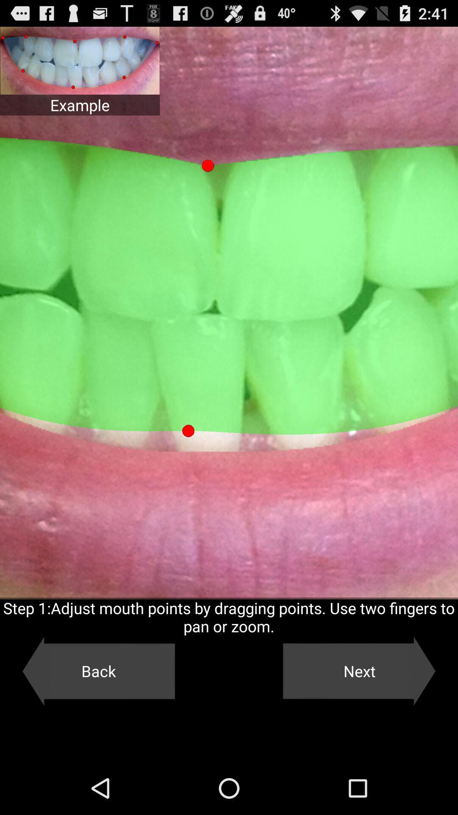  What do you see at coordinates (359, 671) in the screenshot?
I see `button to the right of the back` at bounding box center [359, 671].